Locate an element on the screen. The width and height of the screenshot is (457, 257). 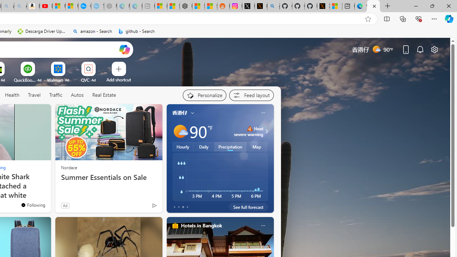
'Hide this story' is located at coordinates (29, 112).